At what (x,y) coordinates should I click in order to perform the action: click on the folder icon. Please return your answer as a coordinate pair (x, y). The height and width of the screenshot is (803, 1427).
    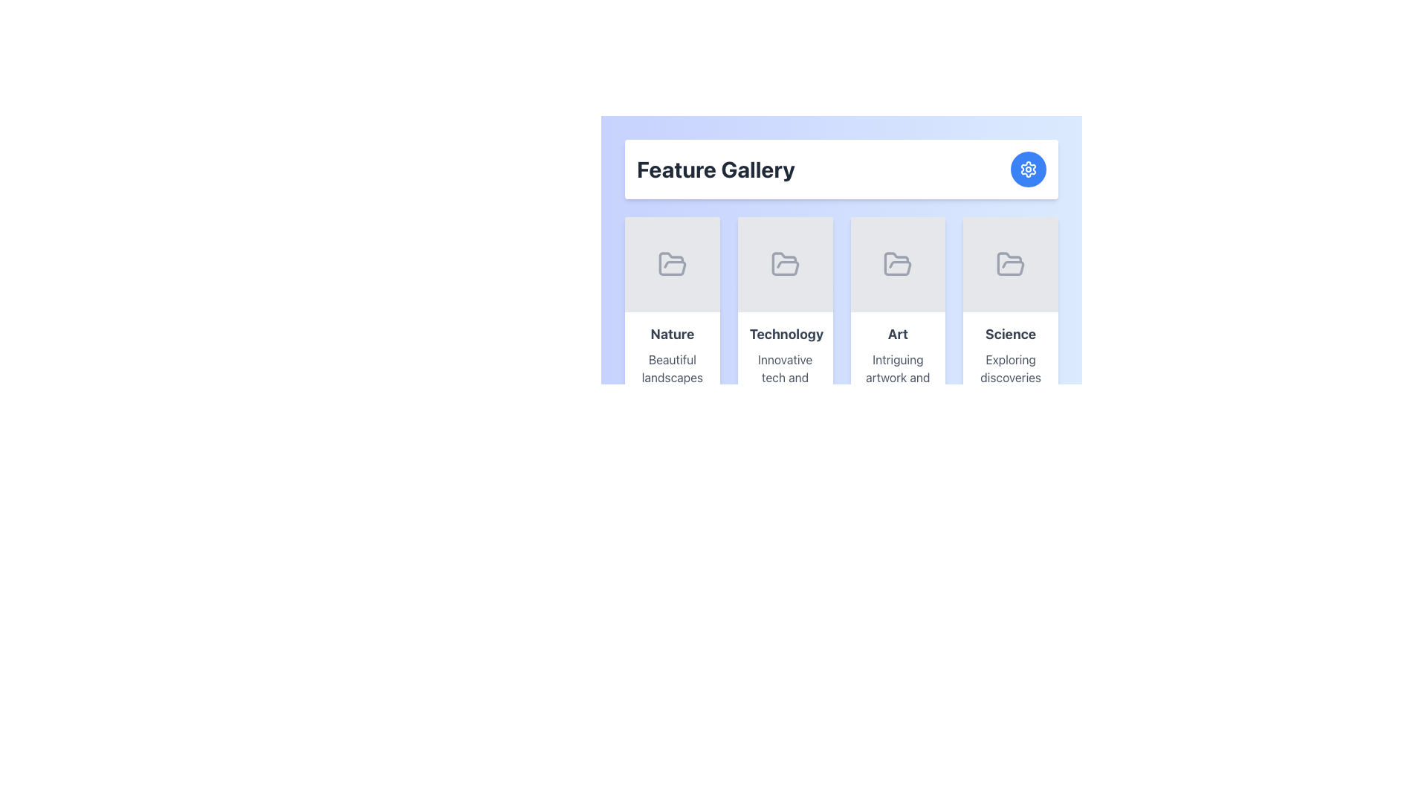
    Looking at the image, I should click on (784, 263).